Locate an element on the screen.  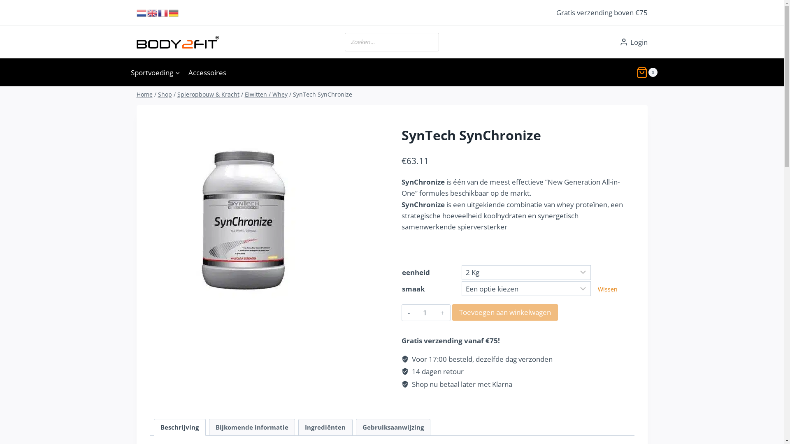
'Toevoegen aan winkelwagen' is located at coordinates (452, 312).